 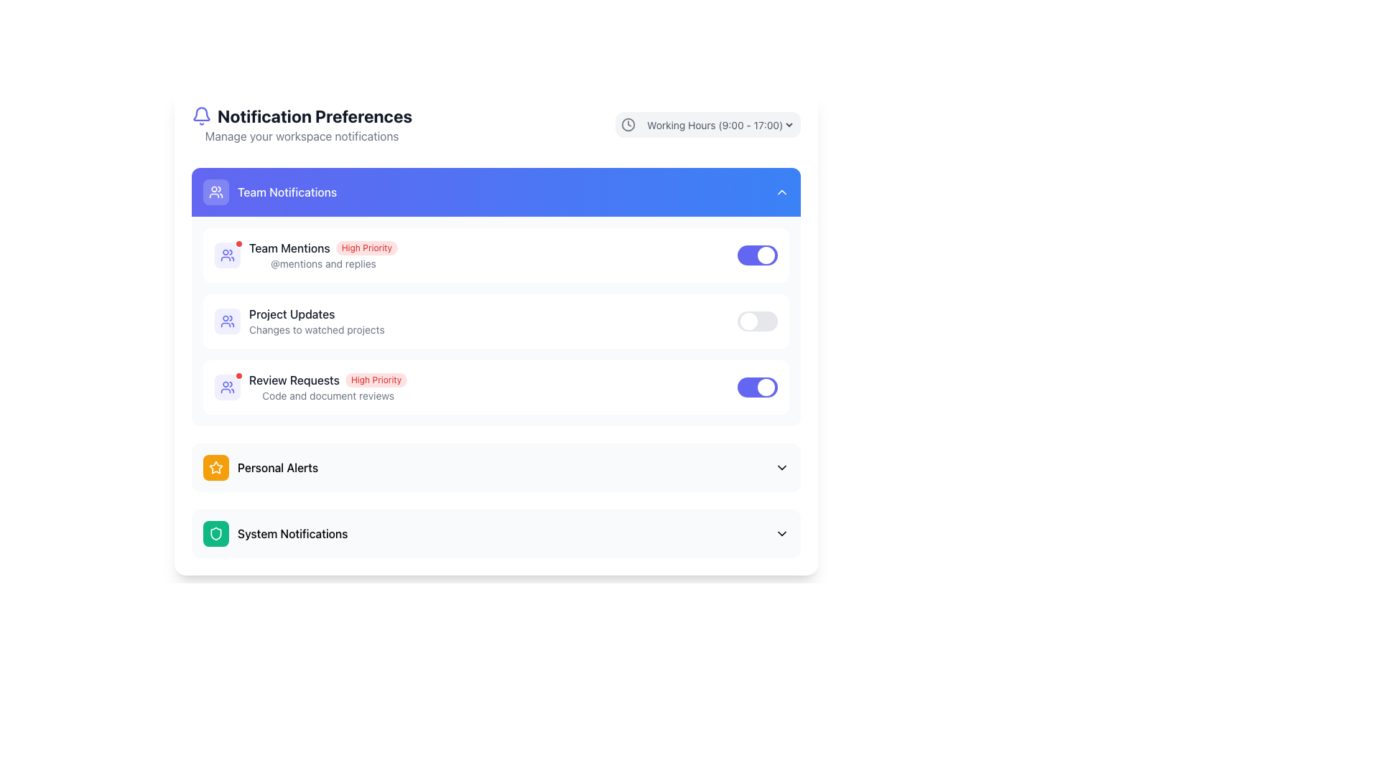 I want to click on the 'High Priority' notification label in the 'Team Notifications' section, which indicates the 'Team Mentions' category, so click(x=322, y=248).